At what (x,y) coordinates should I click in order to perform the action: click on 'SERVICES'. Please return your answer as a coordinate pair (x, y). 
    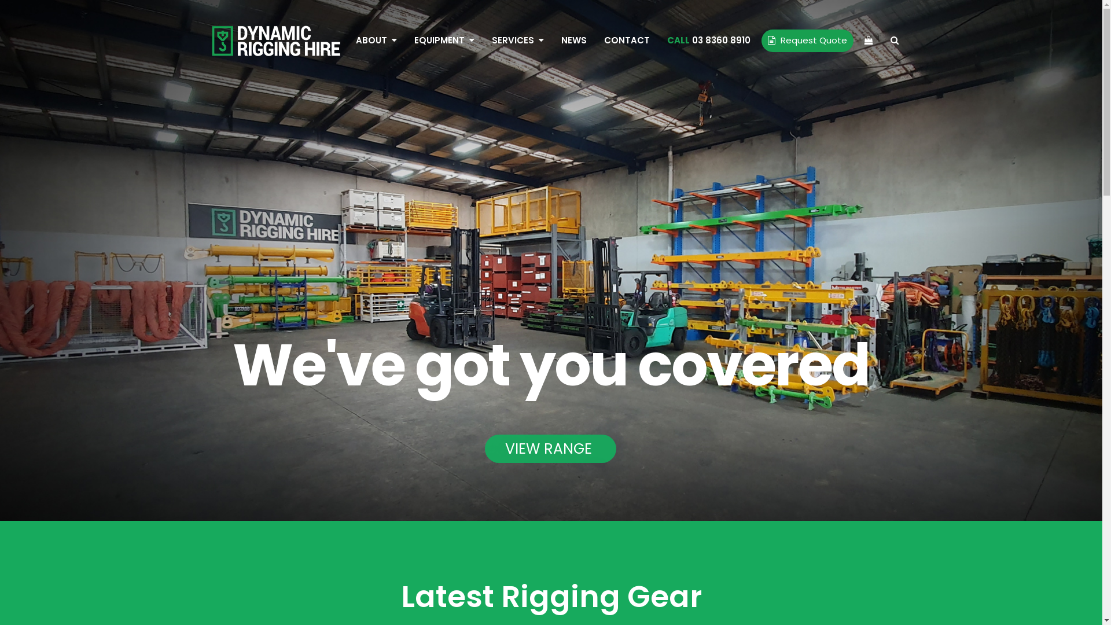
    Looking at the image, I should click on (516, 39).